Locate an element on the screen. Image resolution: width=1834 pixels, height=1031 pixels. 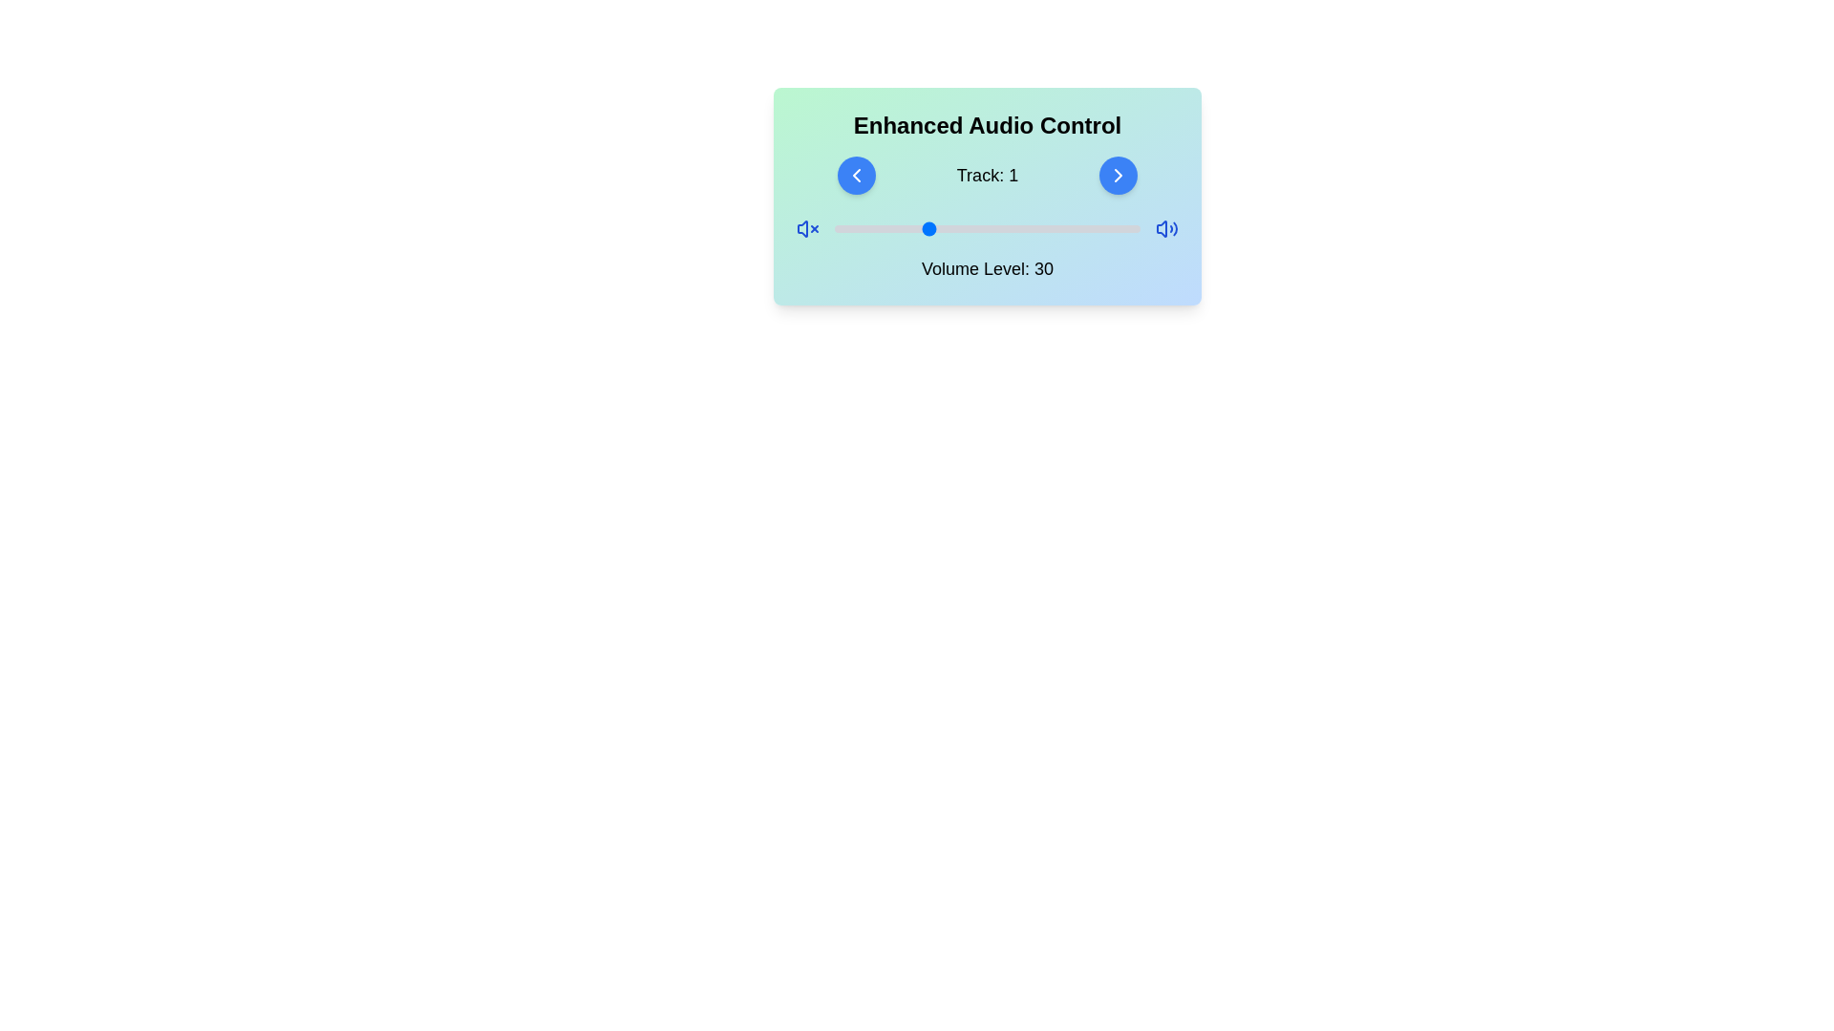
the volume slider to set the volume to 53% is located at coordinates (995, 227).